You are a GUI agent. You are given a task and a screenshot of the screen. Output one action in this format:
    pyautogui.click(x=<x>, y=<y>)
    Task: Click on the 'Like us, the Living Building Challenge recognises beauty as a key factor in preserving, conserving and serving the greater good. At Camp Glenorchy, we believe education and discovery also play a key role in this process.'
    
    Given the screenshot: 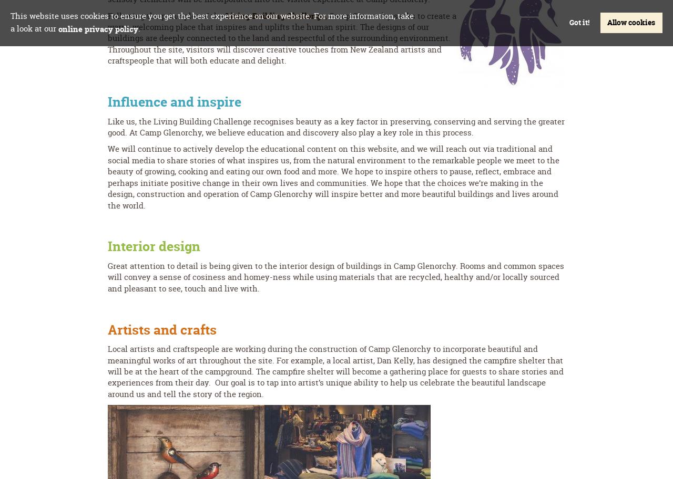 What is the action you would take?
    pyautogui.click(x=335, y=127)
    